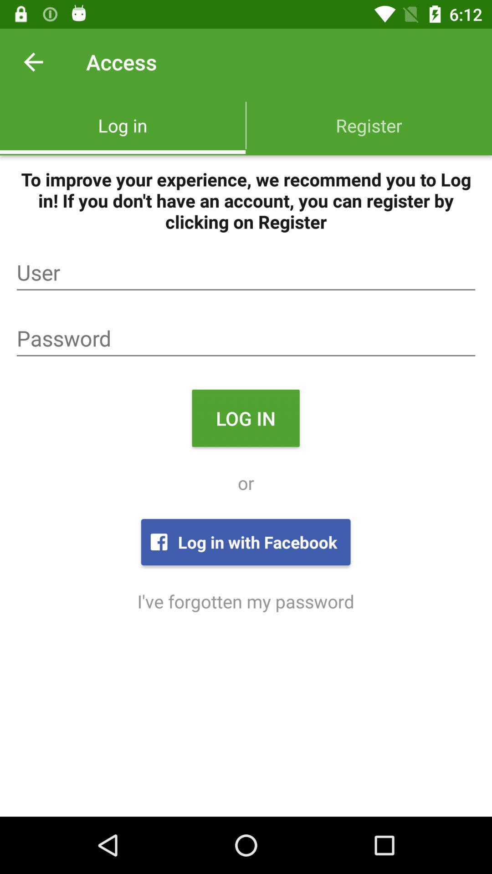  I want to click on enable text input, so click(246, 338).